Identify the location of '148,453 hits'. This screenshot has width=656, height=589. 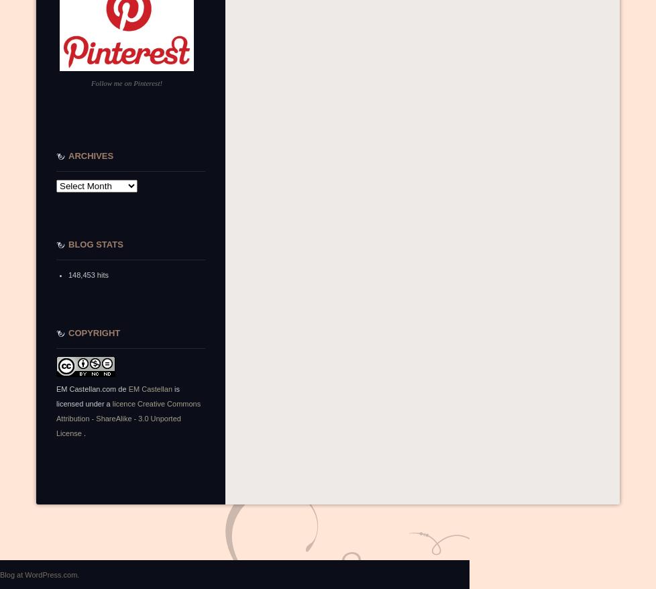
(68, 275).